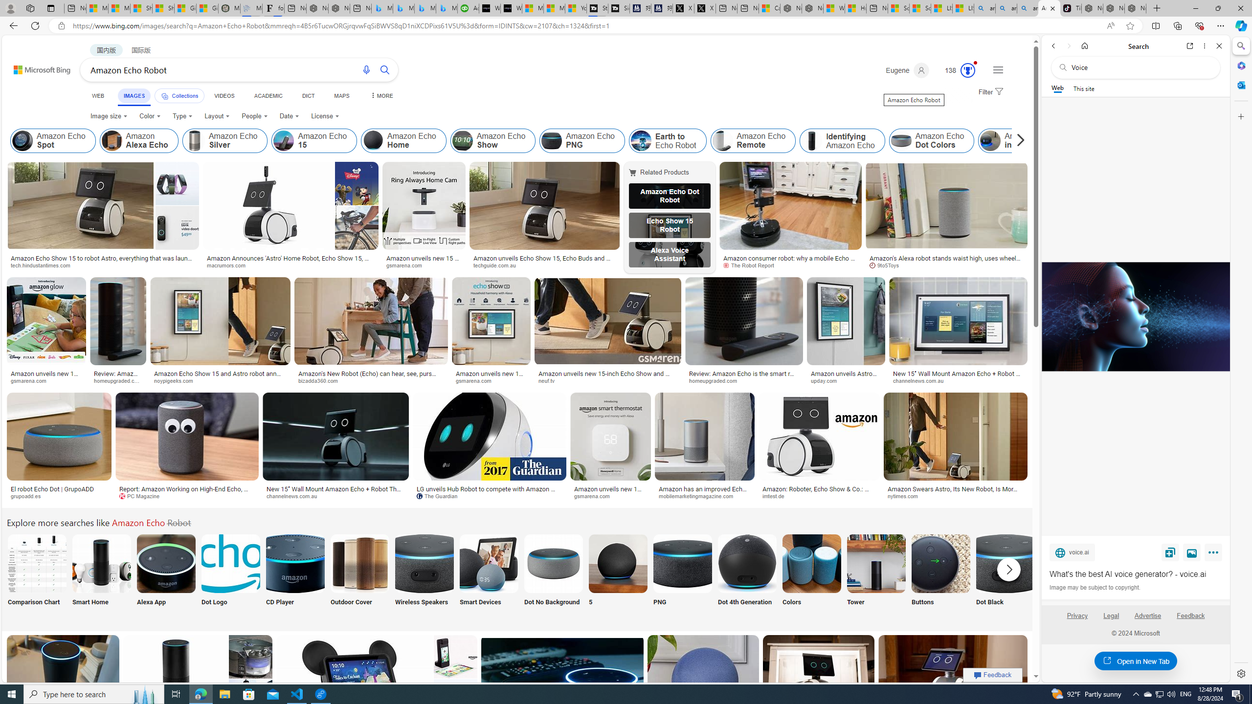 The height and width of the screenshot is (704, 1252). What do you see at coordinates (997, 69) in the screenshot?
I see `'Settings and quick links'` at bounding box center [997, 69].